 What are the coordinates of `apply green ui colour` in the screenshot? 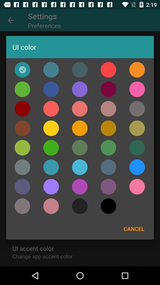 It's located at (22, 89).